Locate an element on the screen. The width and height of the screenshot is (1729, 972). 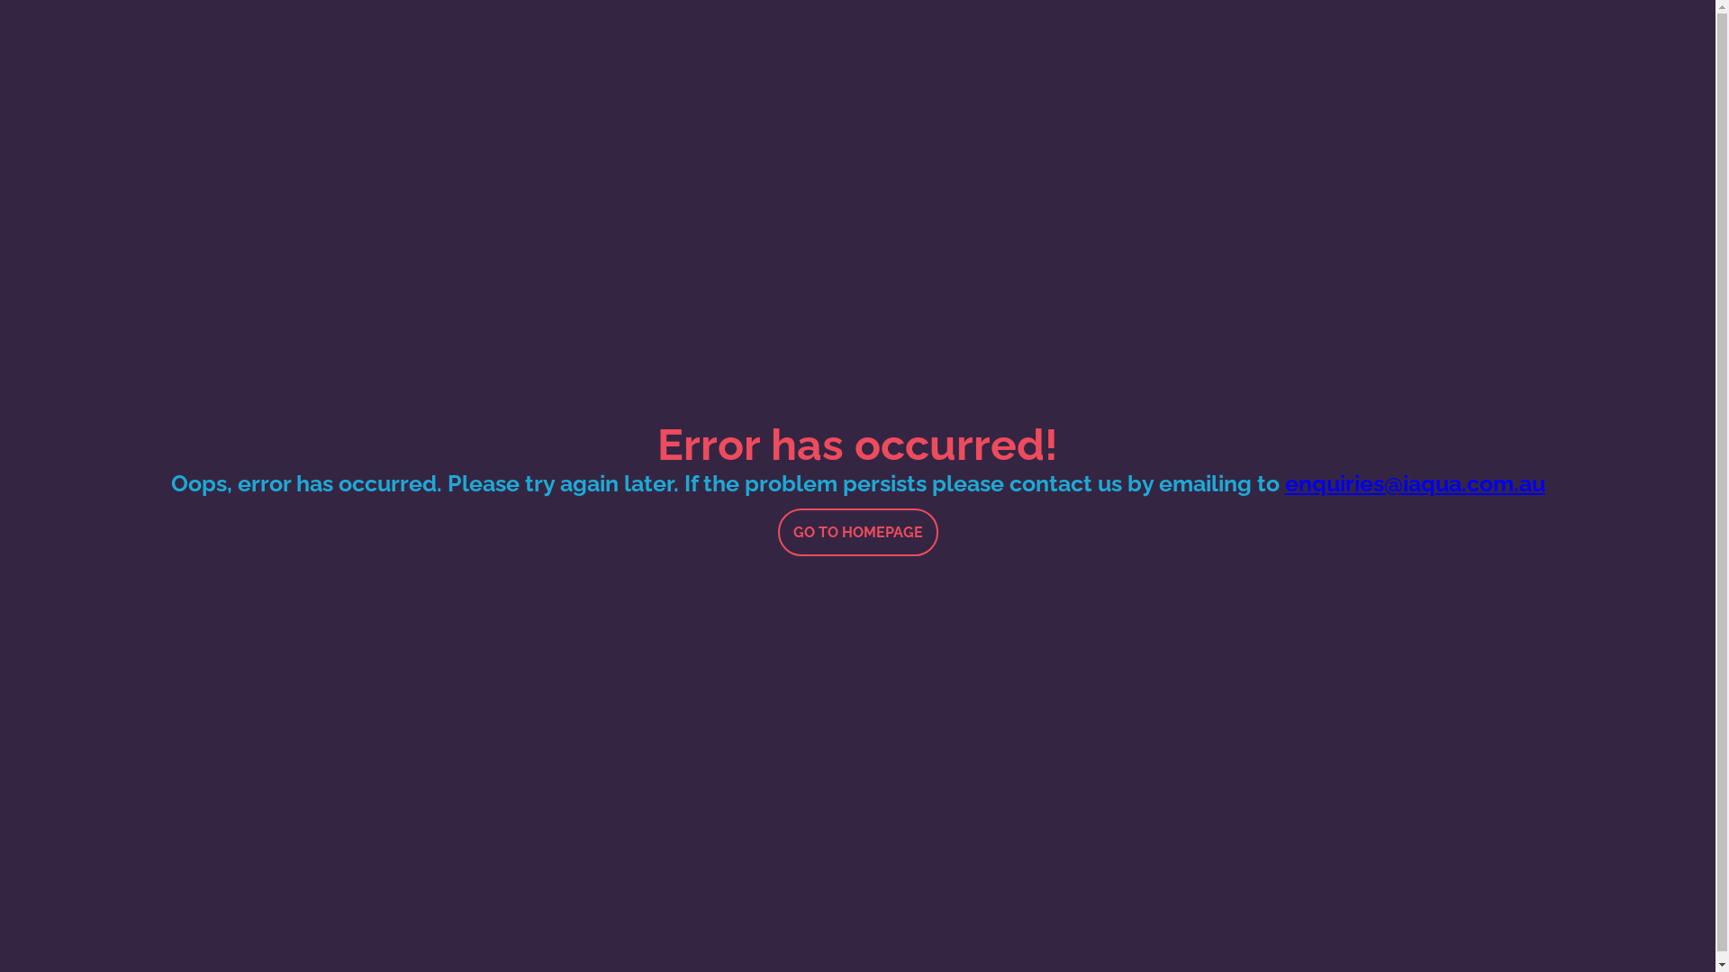
'enquiries@iaqua.com.au' is located at coordinates (1413, 481).